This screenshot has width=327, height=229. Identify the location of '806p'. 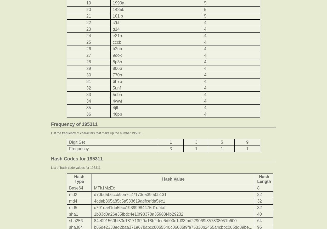
(112, 68).